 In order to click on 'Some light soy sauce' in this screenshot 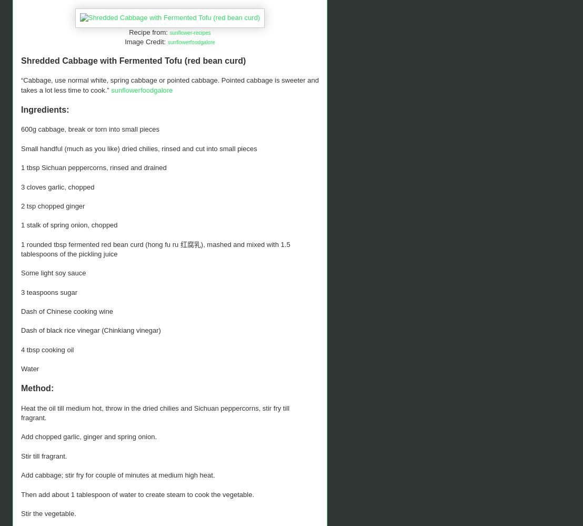, I will do `click(53, 272)`.